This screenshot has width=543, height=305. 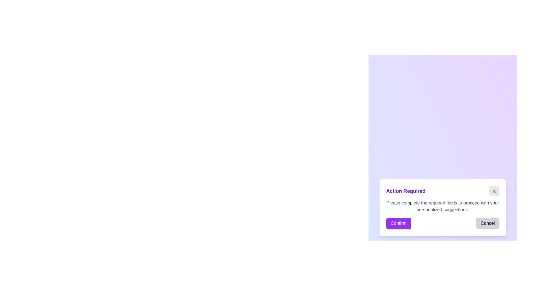 What do you see at coordinates (398, 223) in the screenshot?
I see `the 'Confirm' button located at the bottom-left of the dialog box to confirm the action` at bounding box center [398, 223].